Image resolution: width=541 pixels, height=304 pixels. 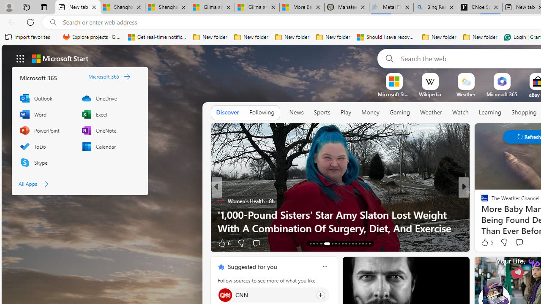 What do you see at coordinates (60, 58) in the screenshot?
I see `'Microsoft start'` at bounding box center [60, 58].